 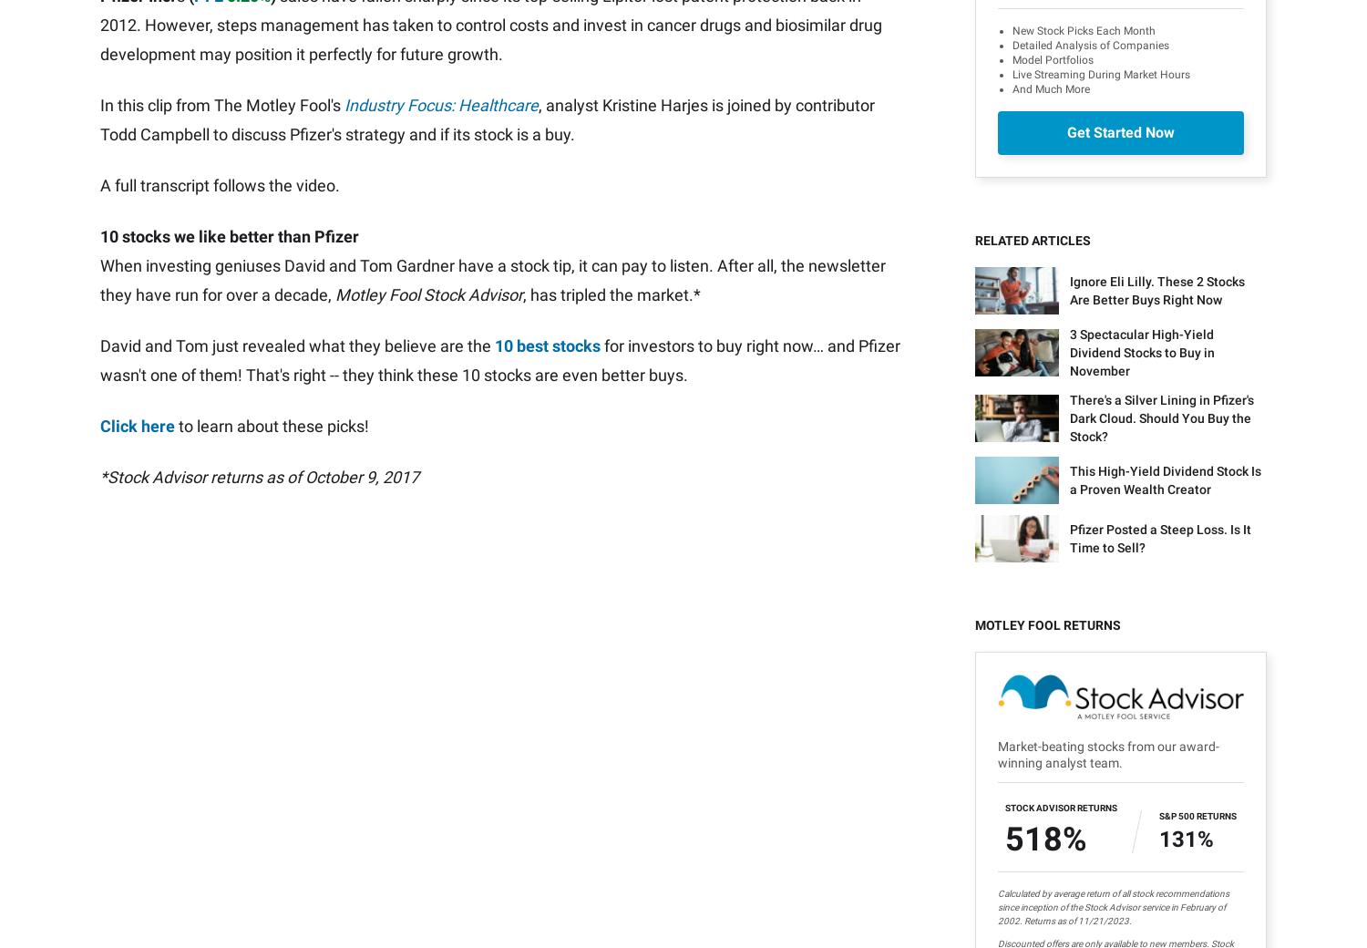 What do you see at coordinates (405, 697) in the screenshot?
I see `'Research'` at bounding box center [405, 697].